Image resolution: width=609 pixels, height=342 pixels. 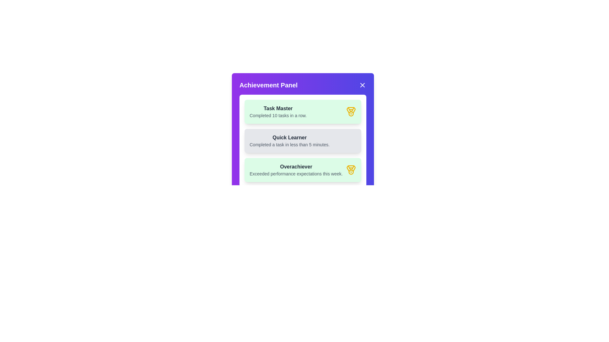 What do you see at coordinates (303, 140) in the screenshot?
I see `the Achievement display card titled 'Quick Learner' located in the second panel of the purple-framed 'Achievement Panel'` at bounding box center [303, 140].